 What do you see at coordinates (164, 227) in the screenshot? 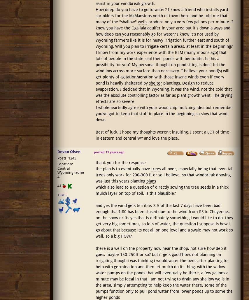
I see `'on the snow drifts yes that is definately something i would like to do, they get very big sometimes, so lots of water, the question i suppose is how i go about that because its not all on one level and a swale may not work so well, so a big HOW?'` at bounding box center [164, 227].